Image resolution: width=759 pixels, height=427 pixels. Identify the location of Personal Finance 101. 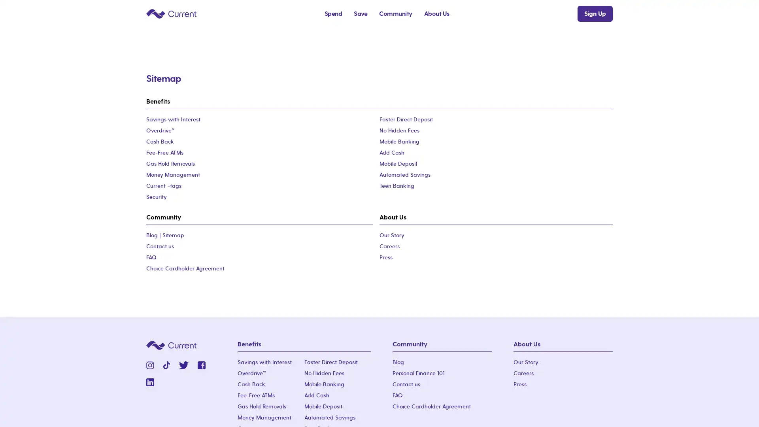
(418, 374).